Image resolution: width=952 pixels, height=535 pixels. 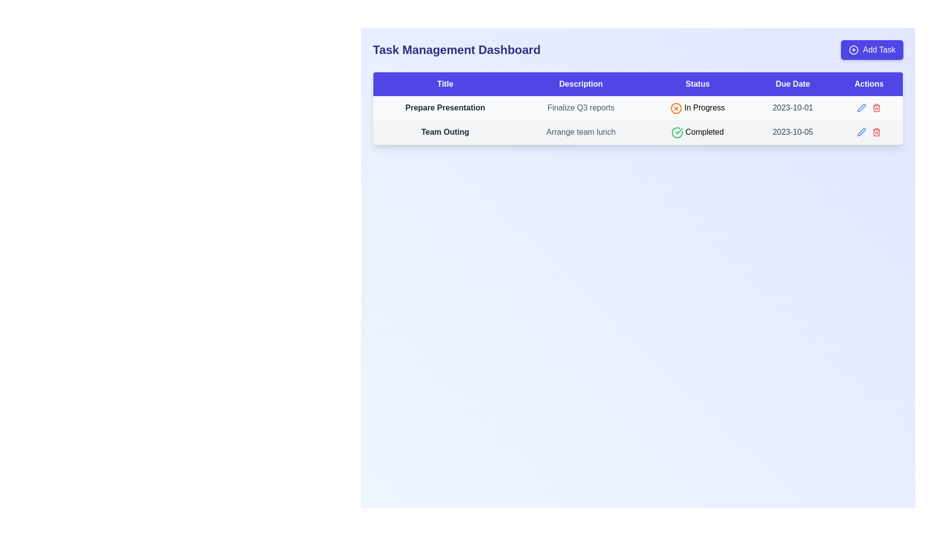 I want to click on task details for the 'Team Outing' task located in the second row of the task list table, which includes its description, completion status, and due date, so click(x=638, y=131).